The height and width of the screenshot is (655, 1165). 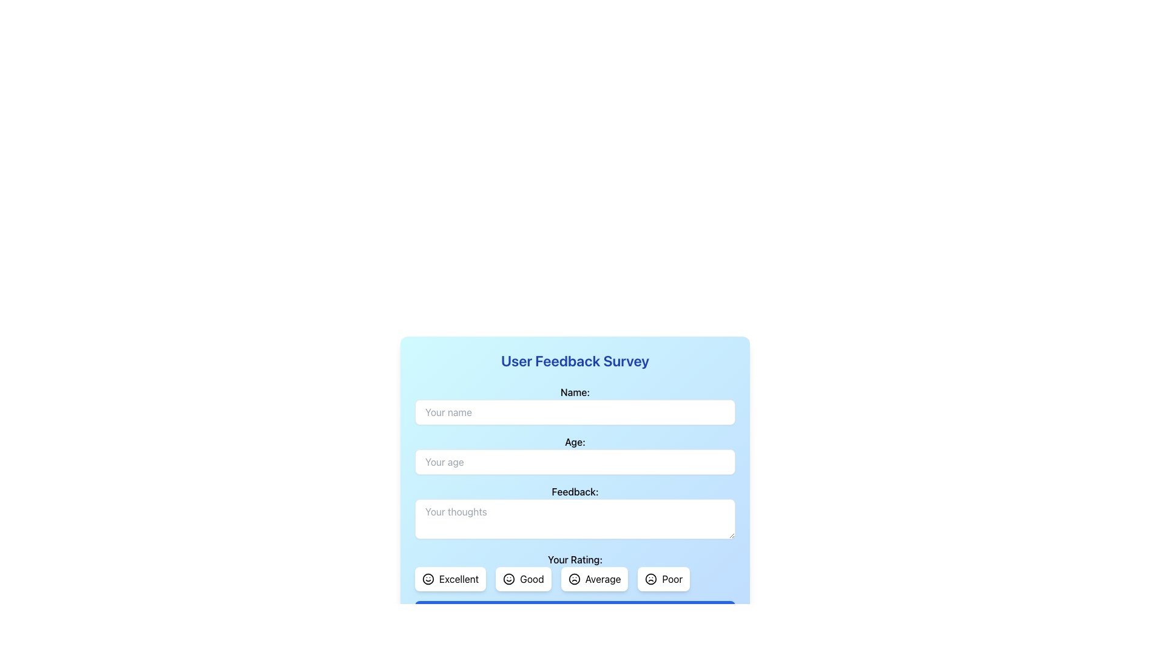 What do you see at coordinates (575, 579) in the screenshot?
I see `the third button labeled 'Average' in the rating group` at bounding box center [575, 579].